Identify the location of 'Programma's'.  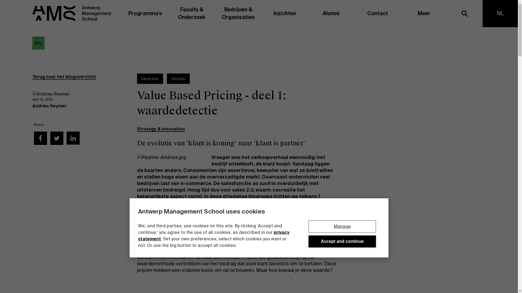
(145, 13).